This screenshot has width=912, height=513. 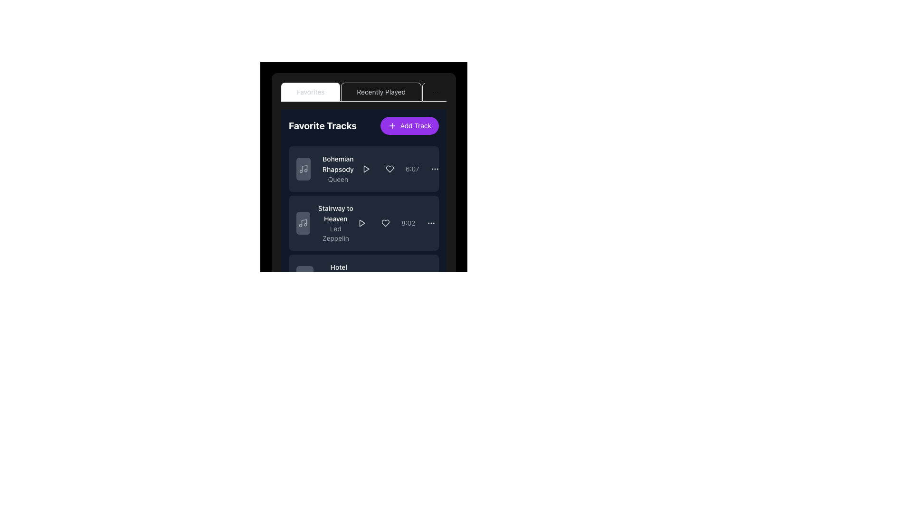 I want to click on the Tab button, which is the second tab in the sequence, located between the 'Favorites' tab and the 'Custom Playlists' tab, to switch the view to show content related to recently played items, so click(x=392, y=92).